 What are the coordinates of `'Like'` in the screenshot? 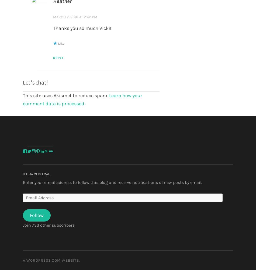 It's located at (61, 43).